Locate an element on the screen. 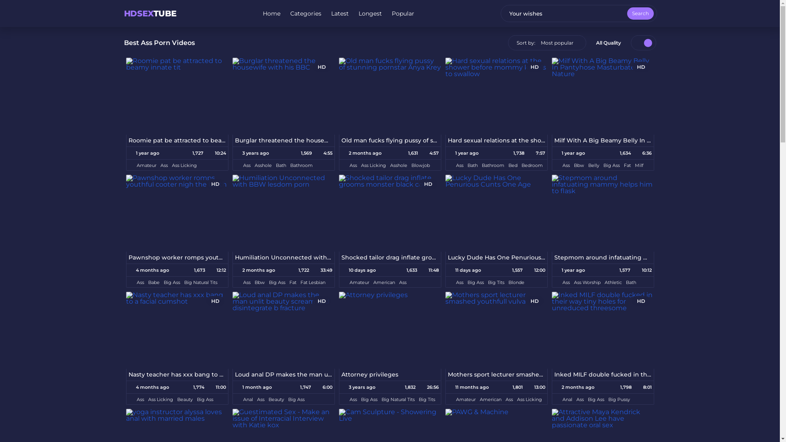 The image size is (786, 442). 'Bed' is located at coordinates (512, 165).